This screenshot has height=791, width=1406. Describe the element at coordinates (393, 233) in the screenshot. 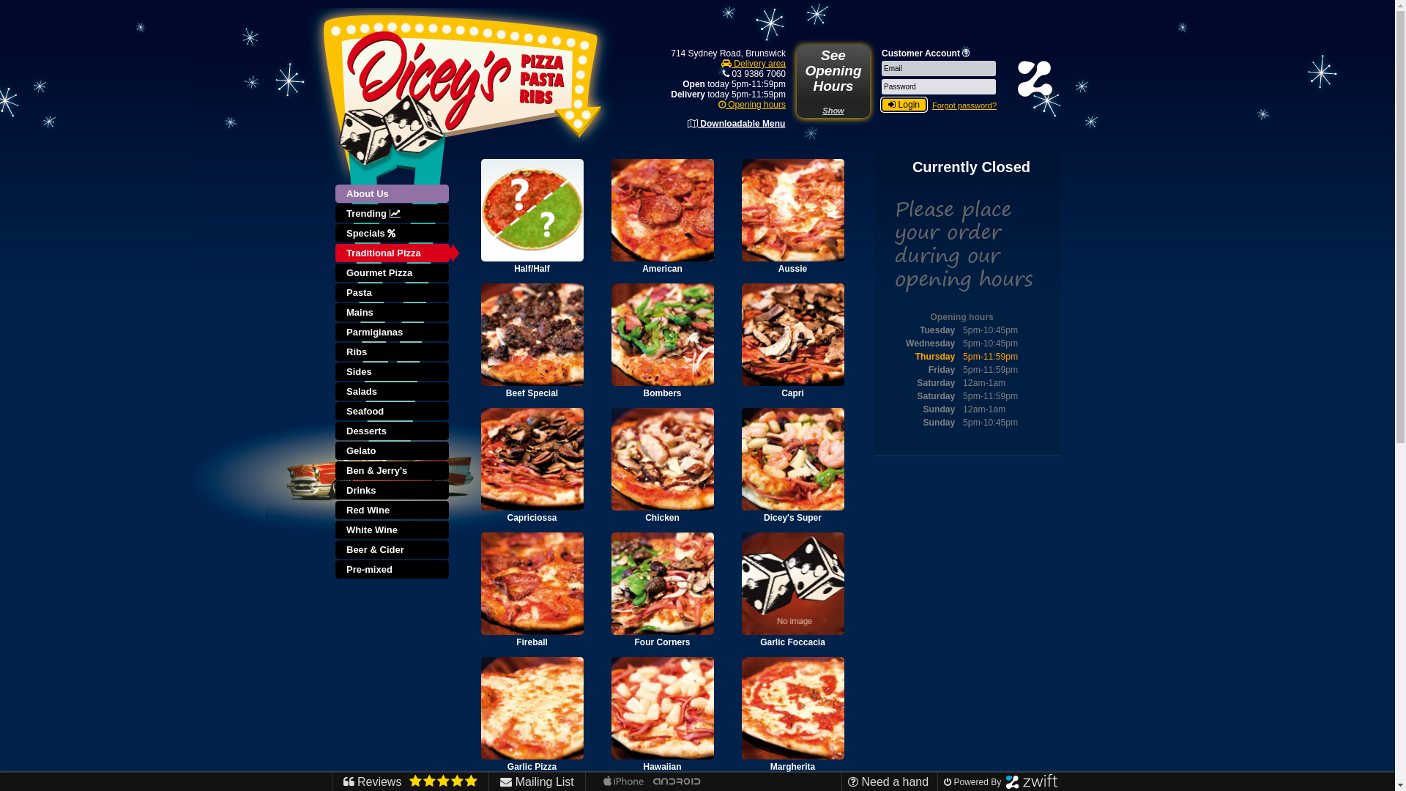

I see `'Specials'` at that location.